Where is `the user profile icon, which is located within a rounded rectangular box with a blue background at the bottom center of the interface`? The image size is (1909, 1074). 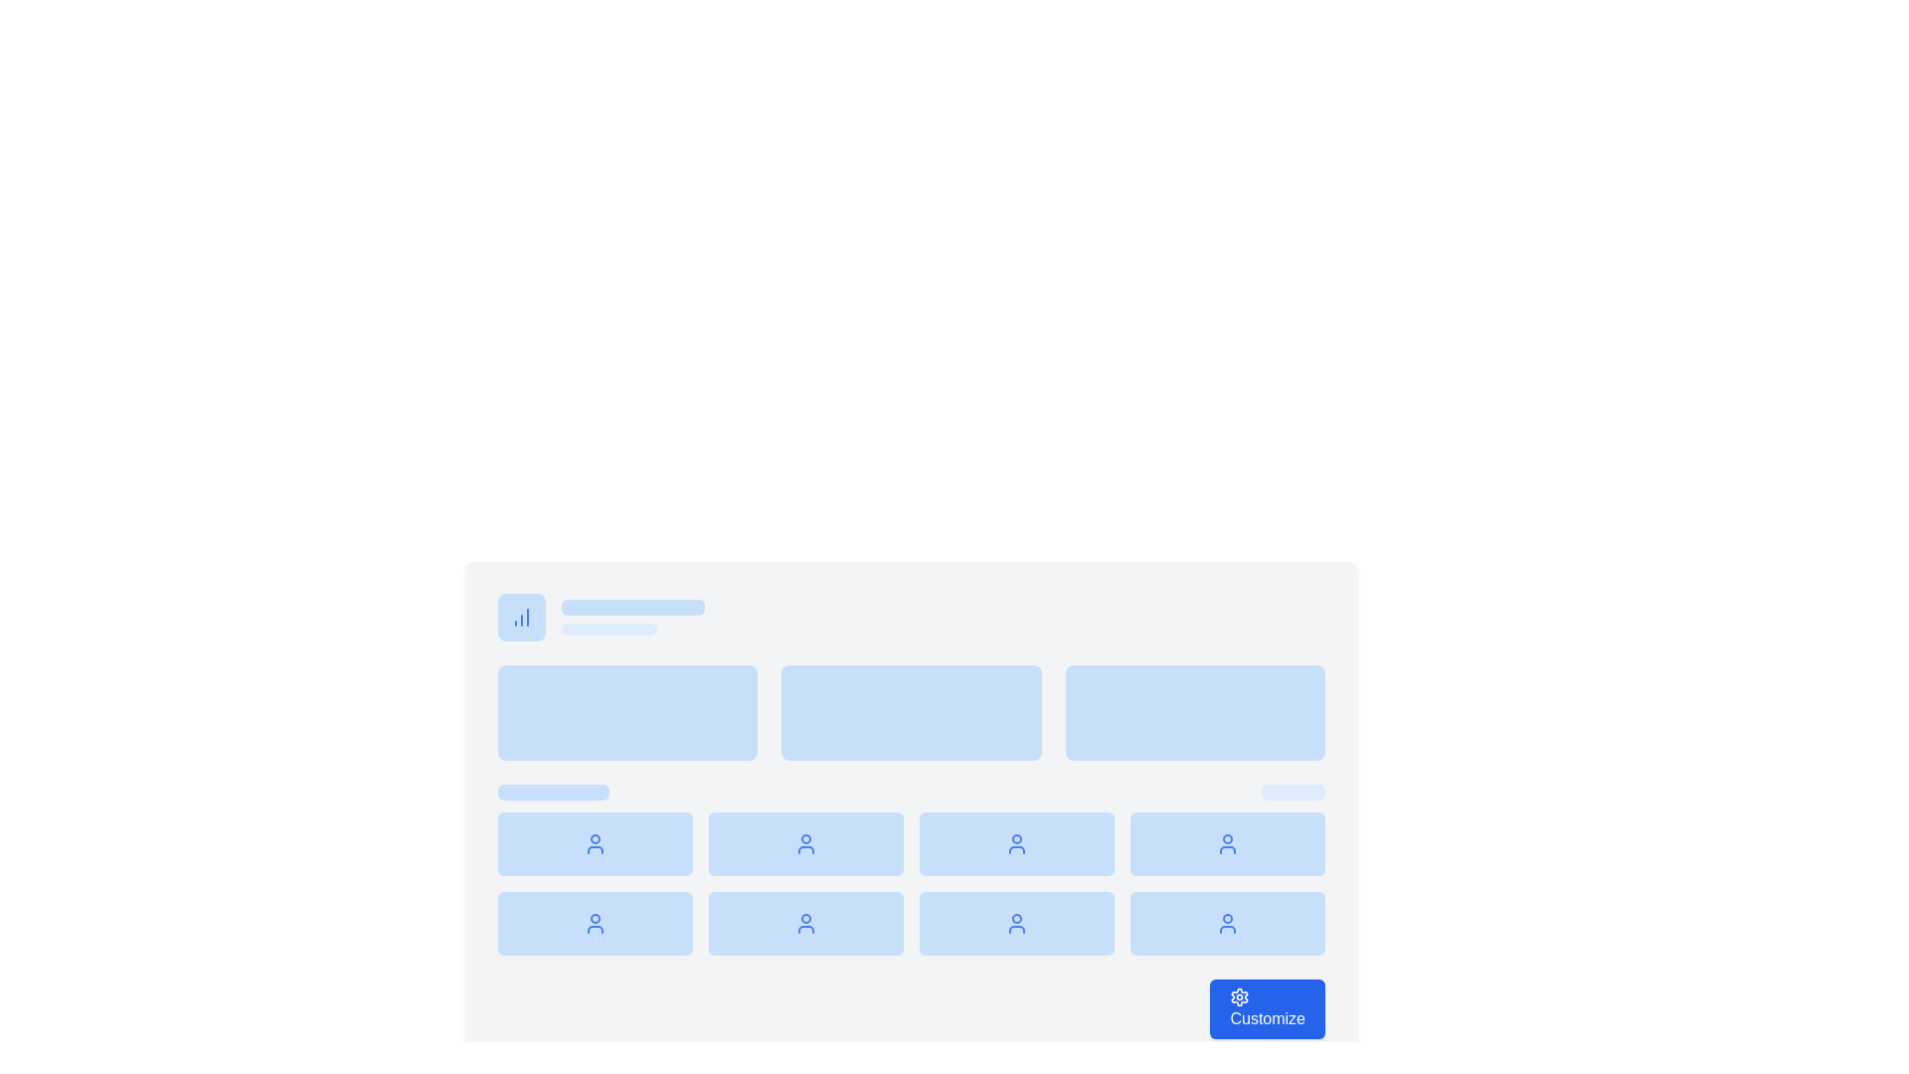 the user profile icon, which is located within a rounded rectangular box with a blue background at the bottom center of the interface is located at coordinates (806, 843).